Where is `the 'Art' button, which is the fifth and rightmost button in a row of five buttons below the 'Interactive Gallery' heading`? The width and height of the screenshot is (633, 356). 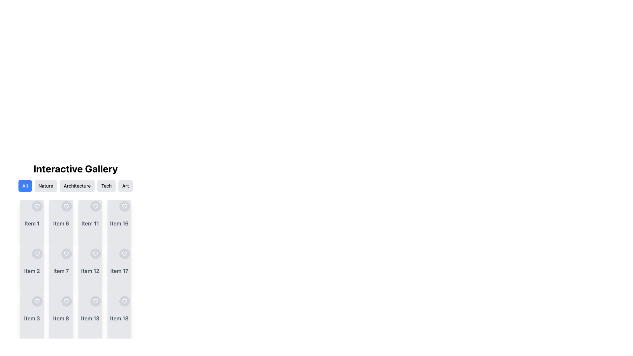 the 'Art' button, which is the fifth and rightmost button in a row of five buttons below the 'Interactive Gallery' heading is located at coordinates (126, 186).